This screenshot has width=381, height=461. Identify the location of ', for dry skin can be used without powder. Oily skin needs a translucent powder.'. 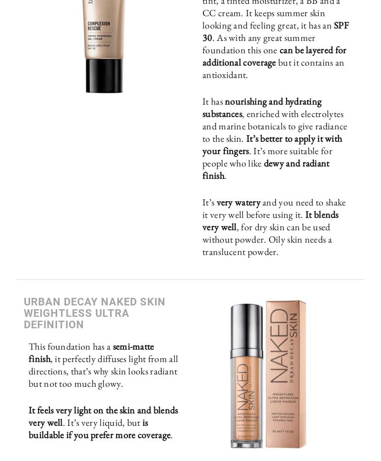
(267, 239).